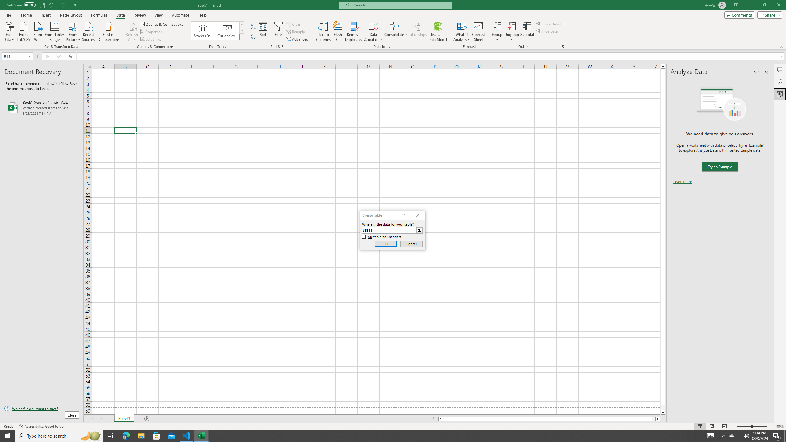  I want to click on 'Relationships', so click(416, 32).